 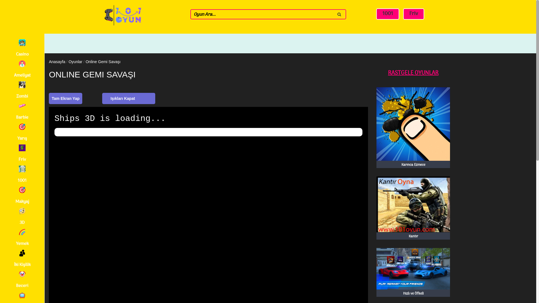 What do you see at coordinates (22, 69) in the screenshot?
I see `'Ameliyat'` at bounding box center [22, 69].